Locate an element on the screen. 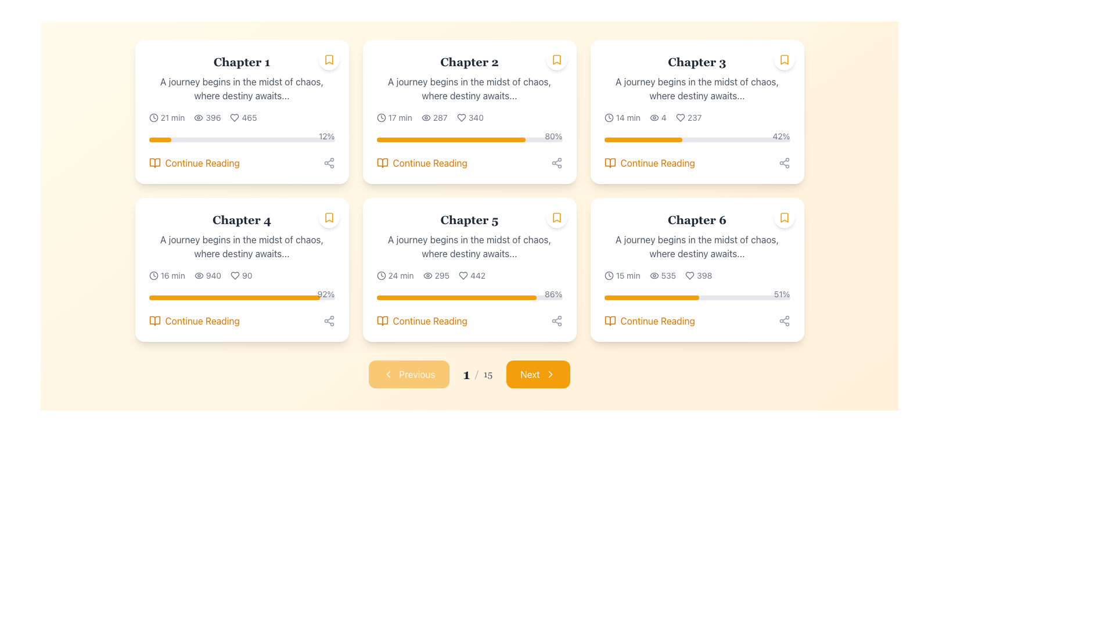  text content displayed in a gray serif font below the title 'Chapter 6' in the sixth card of the grid layout is located at coordinates (697, 246).